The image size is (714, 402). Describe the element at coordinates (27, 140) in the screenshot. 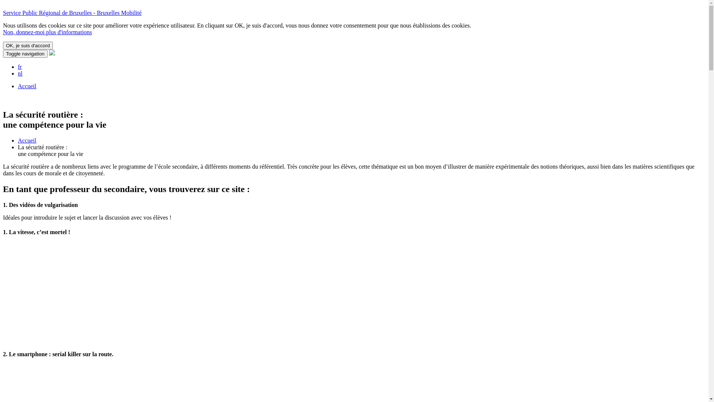

I see `'Accueil'` at that location.